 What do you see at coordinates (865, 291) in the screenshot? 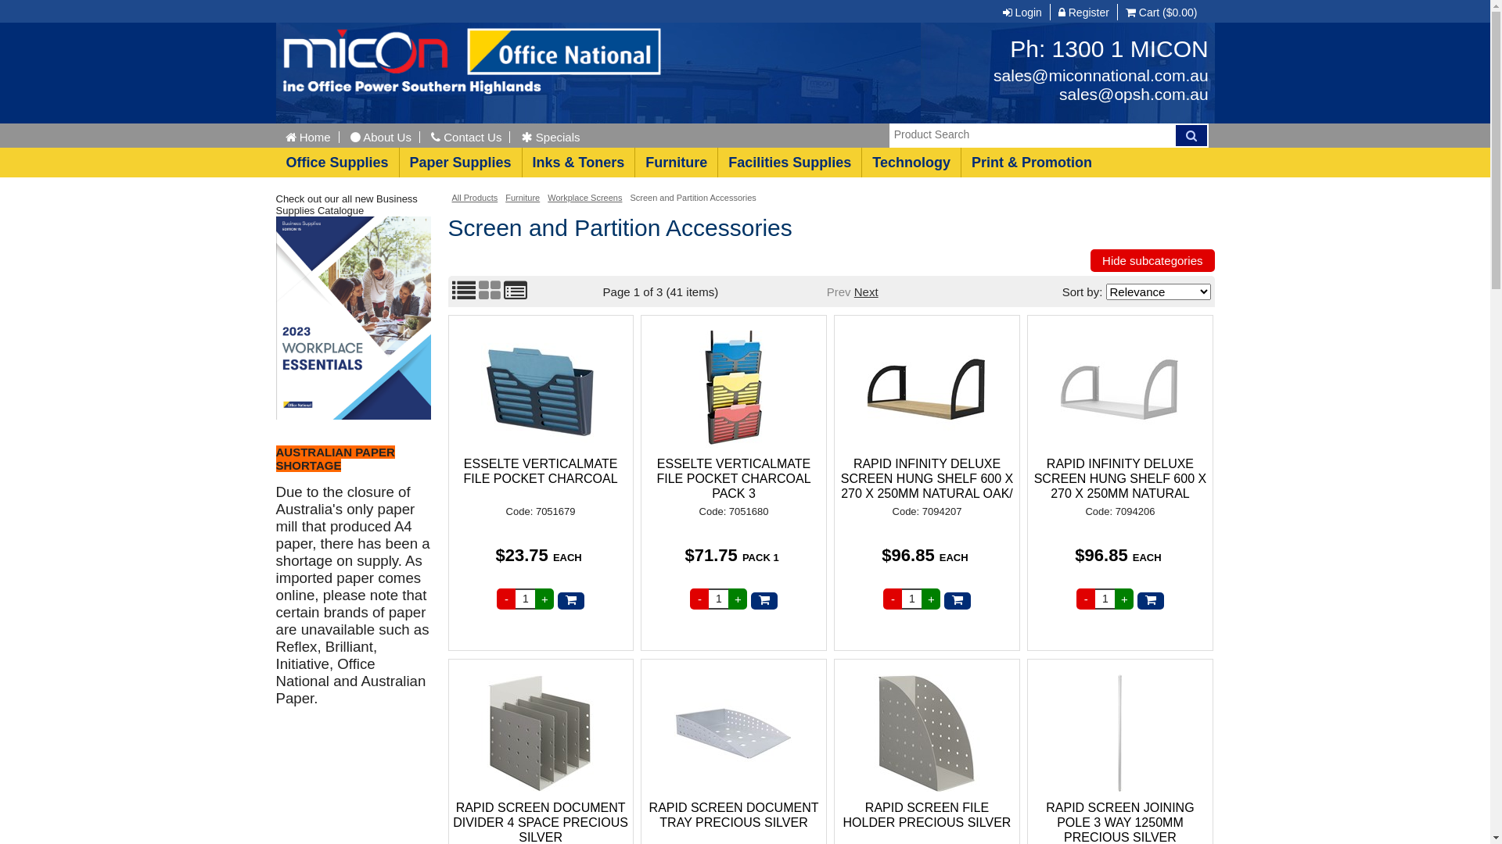
I see `'Next'` at bounding box center [865, 291].